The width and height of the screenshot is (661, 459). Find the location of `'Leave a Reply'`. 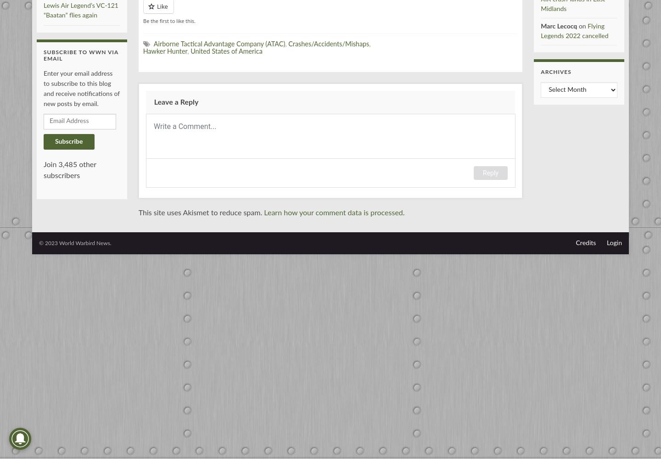

'Leave a Reply' is located at coordinates (175, 101).